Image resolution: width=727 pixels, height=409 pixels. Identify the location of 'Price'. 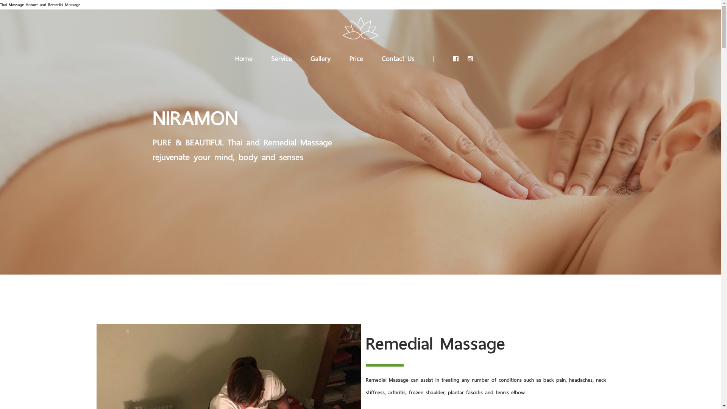
(349, 56).